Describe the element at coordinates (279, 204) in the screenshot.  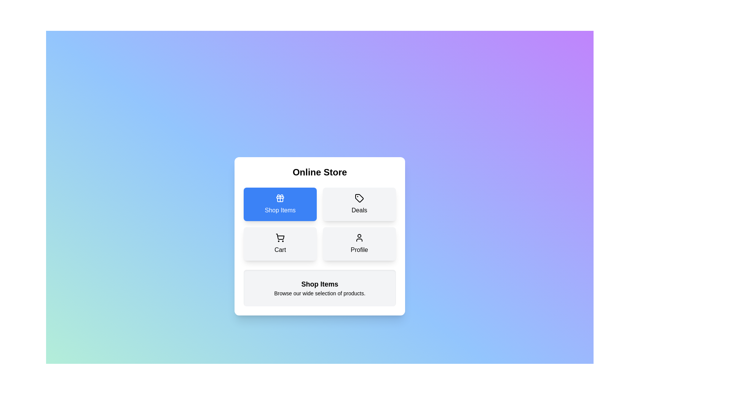
I see `the tab Shop Items by clicking on its respective button` at that location.